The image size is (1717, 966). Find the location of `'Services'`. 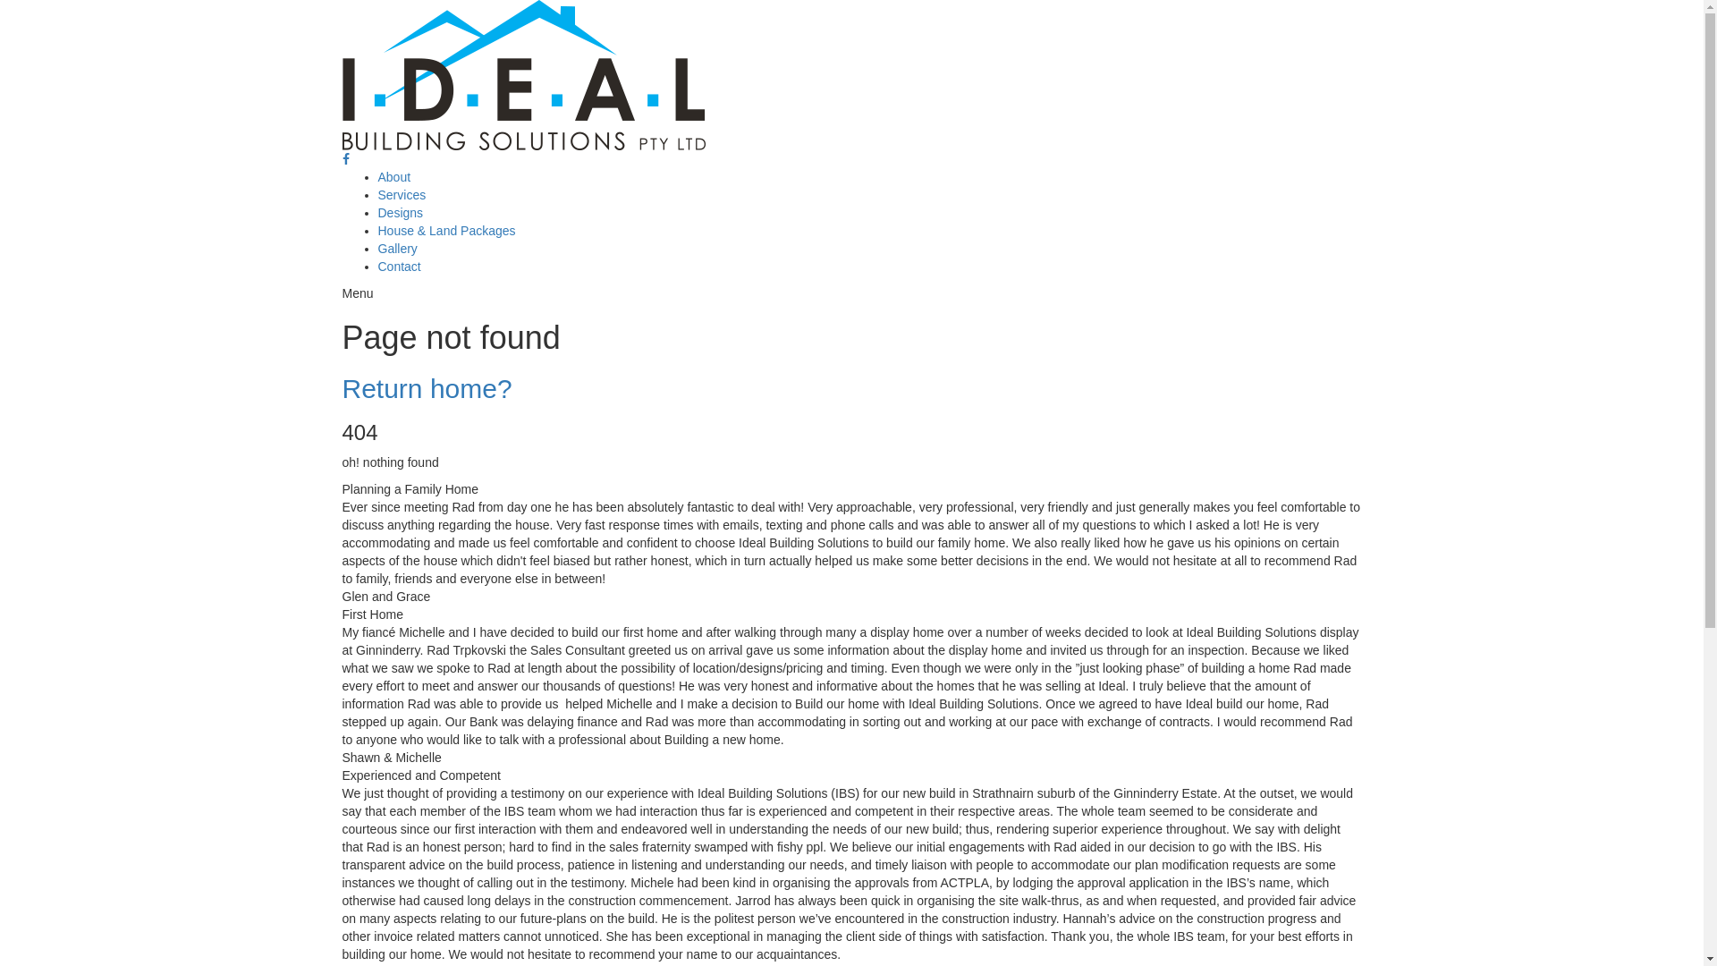

'Services' is located at coordinates (401, 195).